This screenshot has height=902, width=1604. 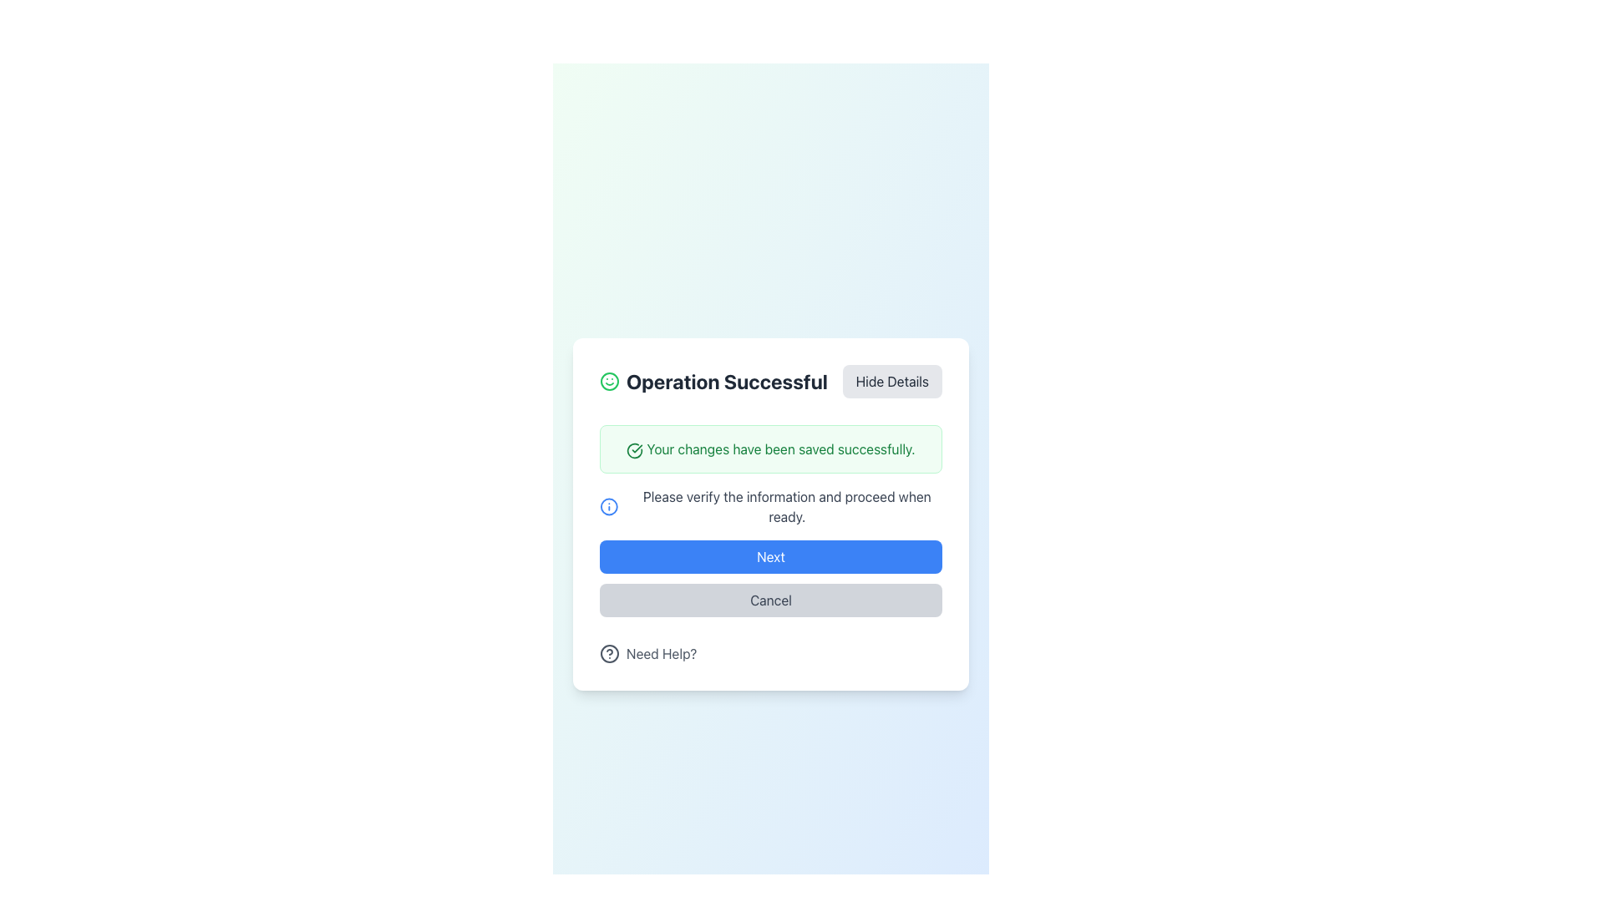 I want to click on the help text label located at the bottom-center of the modal, which serves as a link for help or support features, so click(x=661, y=653).